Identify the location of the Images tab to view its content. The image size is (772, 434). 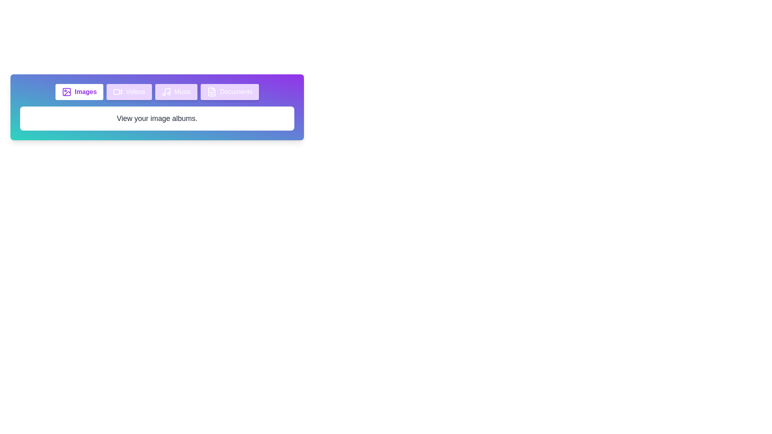
(79, 91).